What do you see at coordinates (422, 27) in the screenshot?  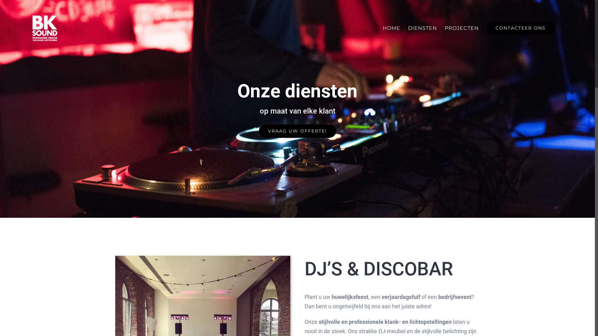 I see `'DIENSTEN'` at bounding box center [422, 27].